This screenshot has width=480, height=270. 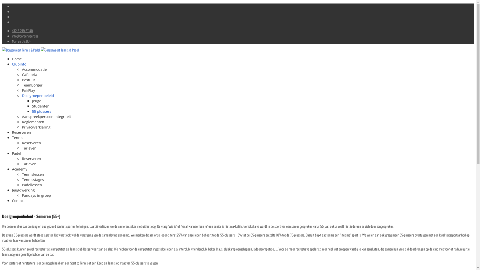 What do you see at coordinates (36, 101) in the screenshot?
I see `'Jeugd'` at bounding box center [36, 101].